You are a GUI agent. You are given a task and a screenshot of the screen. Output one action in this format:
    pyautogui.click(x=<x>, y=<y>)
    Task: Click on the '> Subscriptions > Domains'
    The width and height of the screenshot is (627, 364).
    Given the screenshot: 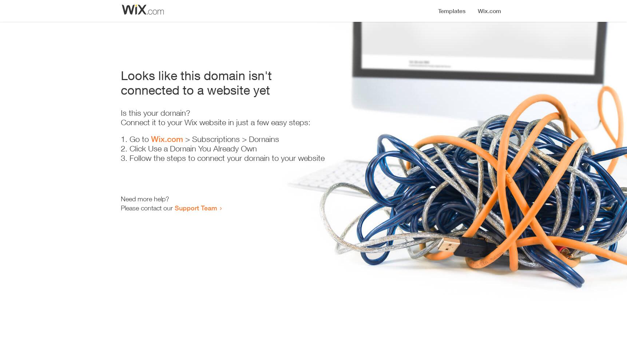 What is the action you would take?
    pyautogui.click(x=230, y=139)
    